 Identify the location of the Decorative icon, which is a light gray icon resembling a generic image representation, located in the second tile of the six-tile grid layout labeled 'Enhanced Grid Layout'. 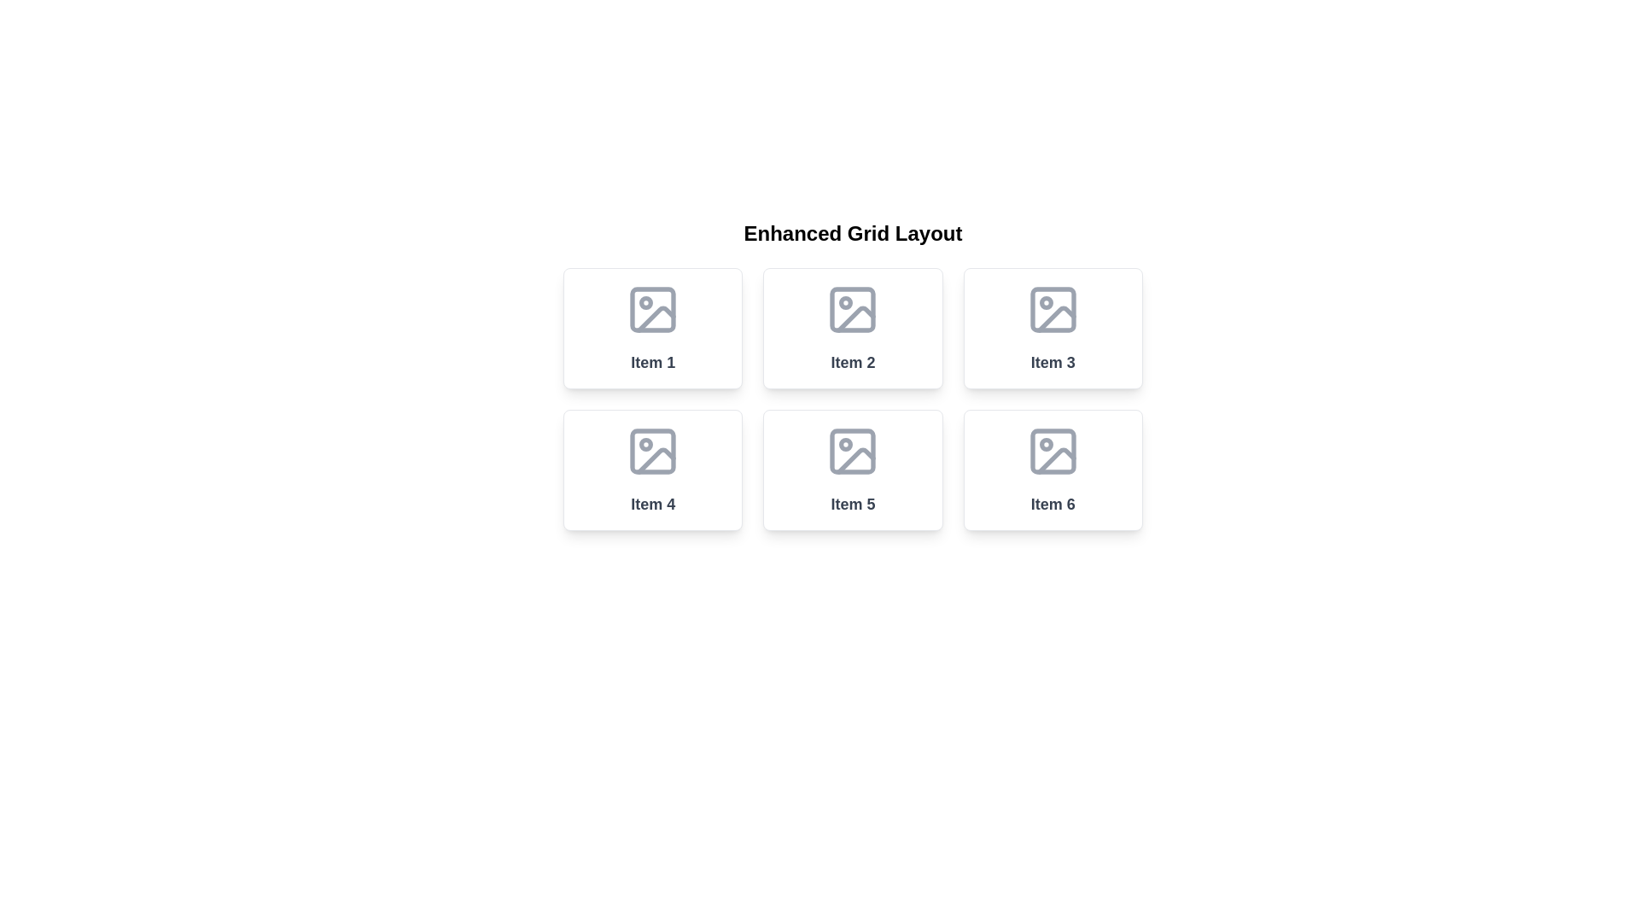
(853, 309).